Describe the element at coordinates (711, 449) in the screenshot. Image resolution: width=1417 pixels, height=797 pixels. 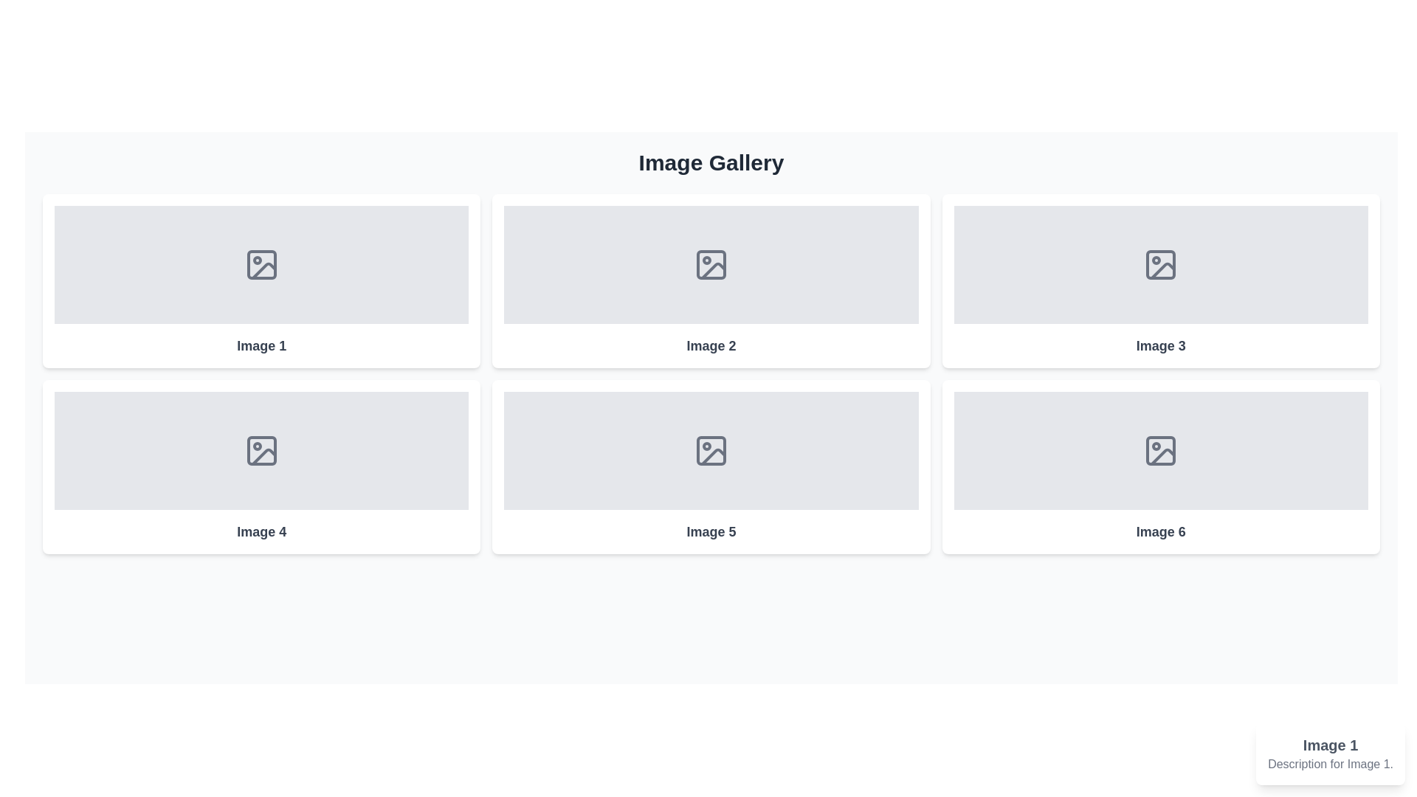
I see `the light gray rectangular icon frame with rounded corners located in the fifth grid cell of the gallery layout, specifically in the second row, third column` at that location.